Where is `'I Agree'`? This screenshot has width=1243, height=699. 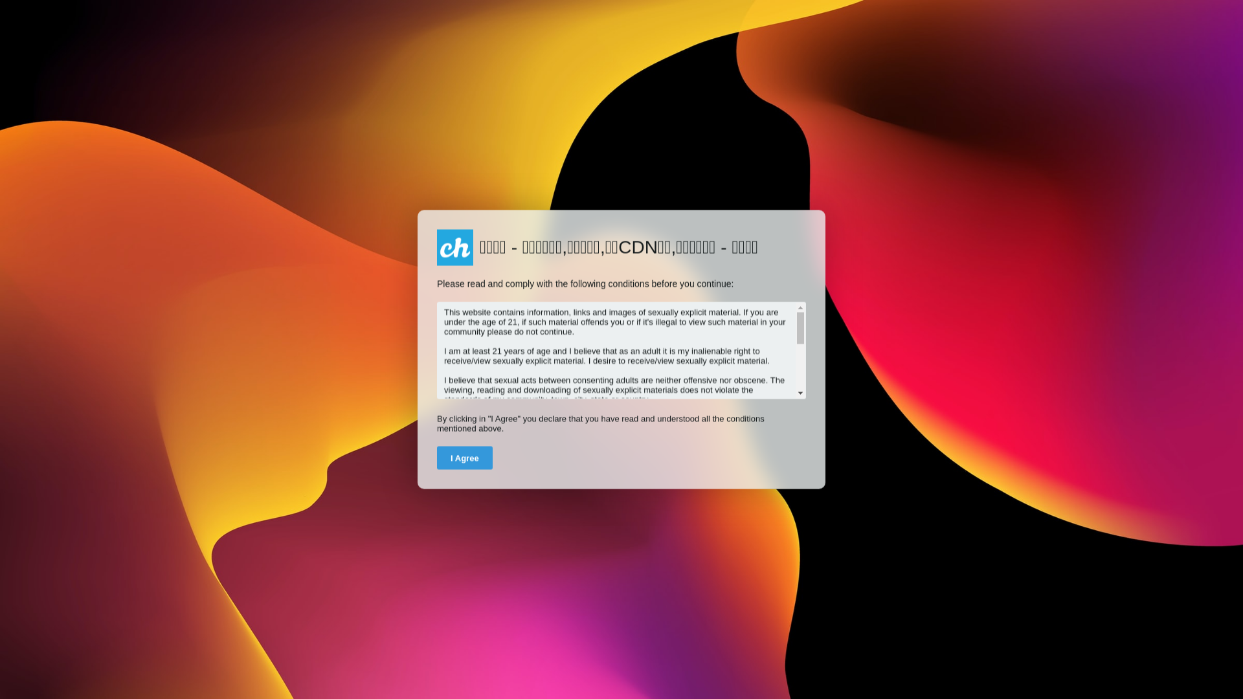 'I Agree' is located at coordinates (465, 458).